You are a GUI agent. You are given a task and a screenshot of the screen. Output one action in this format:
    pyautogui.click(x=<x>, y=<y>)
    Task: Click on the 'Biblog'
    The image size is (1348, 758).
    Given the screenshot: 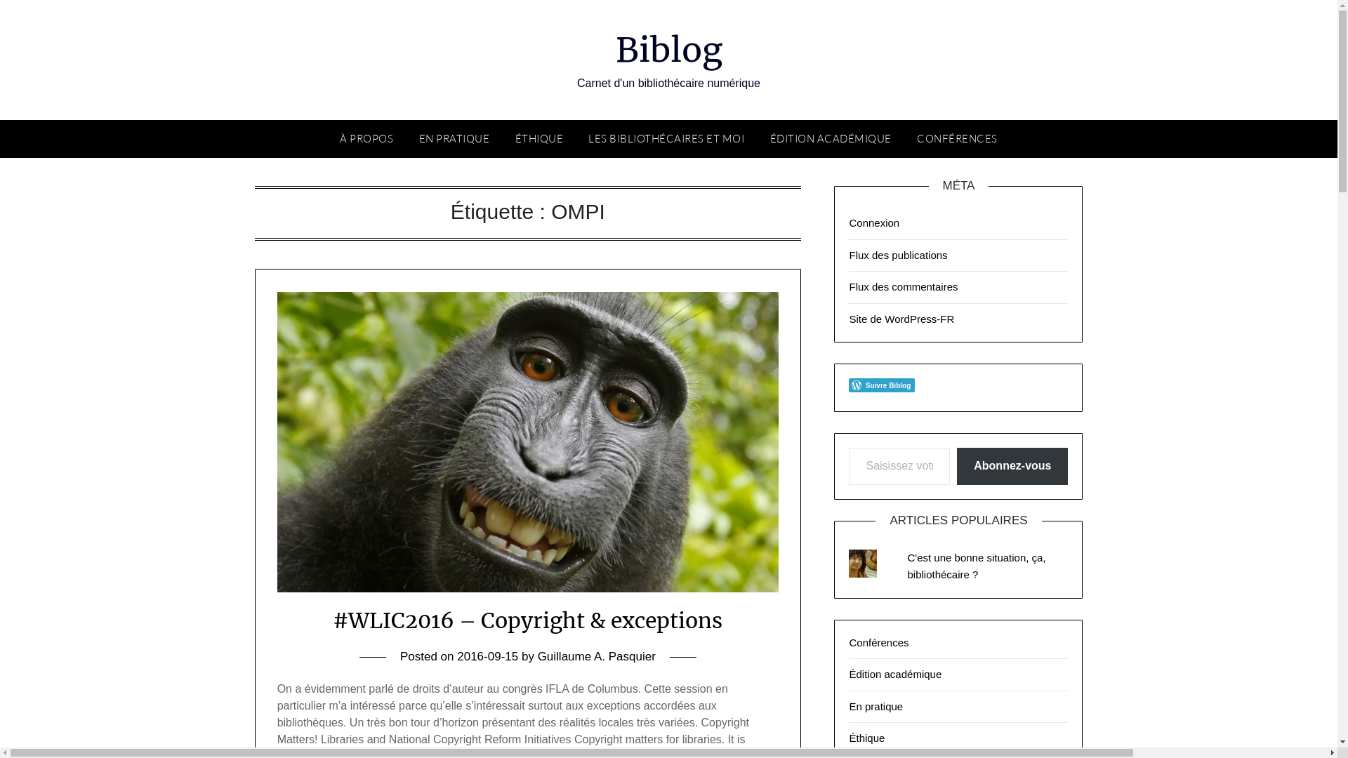 What is the action you would take?
    pyautogui.click(x=667, y=48)
    